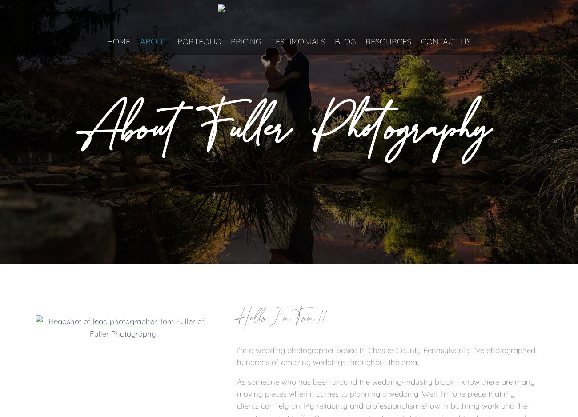 The width and height of the screenshot is (578, 417). Describe the element at coordinates (198, 41) in the screenshot. I see `'Portfolio'` at that location.